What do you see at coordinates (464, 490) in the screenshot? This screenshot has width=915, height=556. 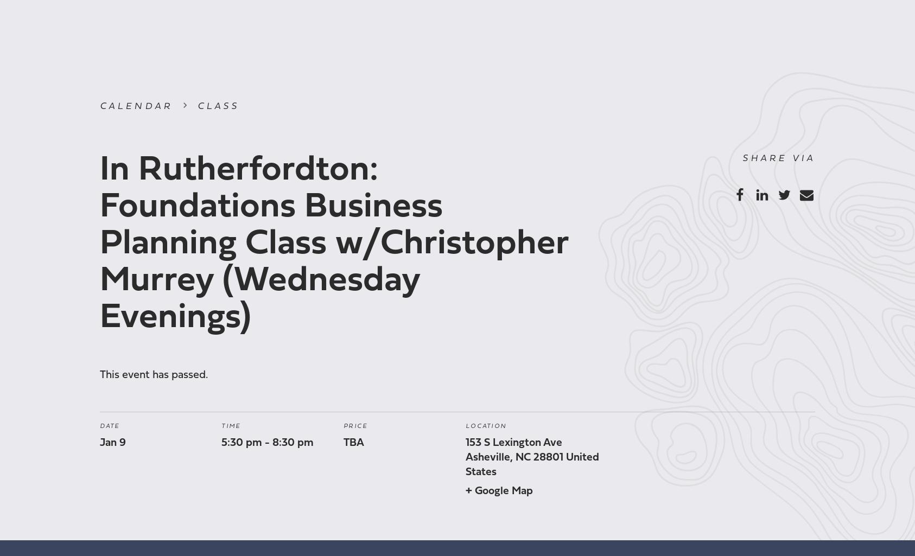 I see `'+ Google Map'` at bounding box center [464, 490].